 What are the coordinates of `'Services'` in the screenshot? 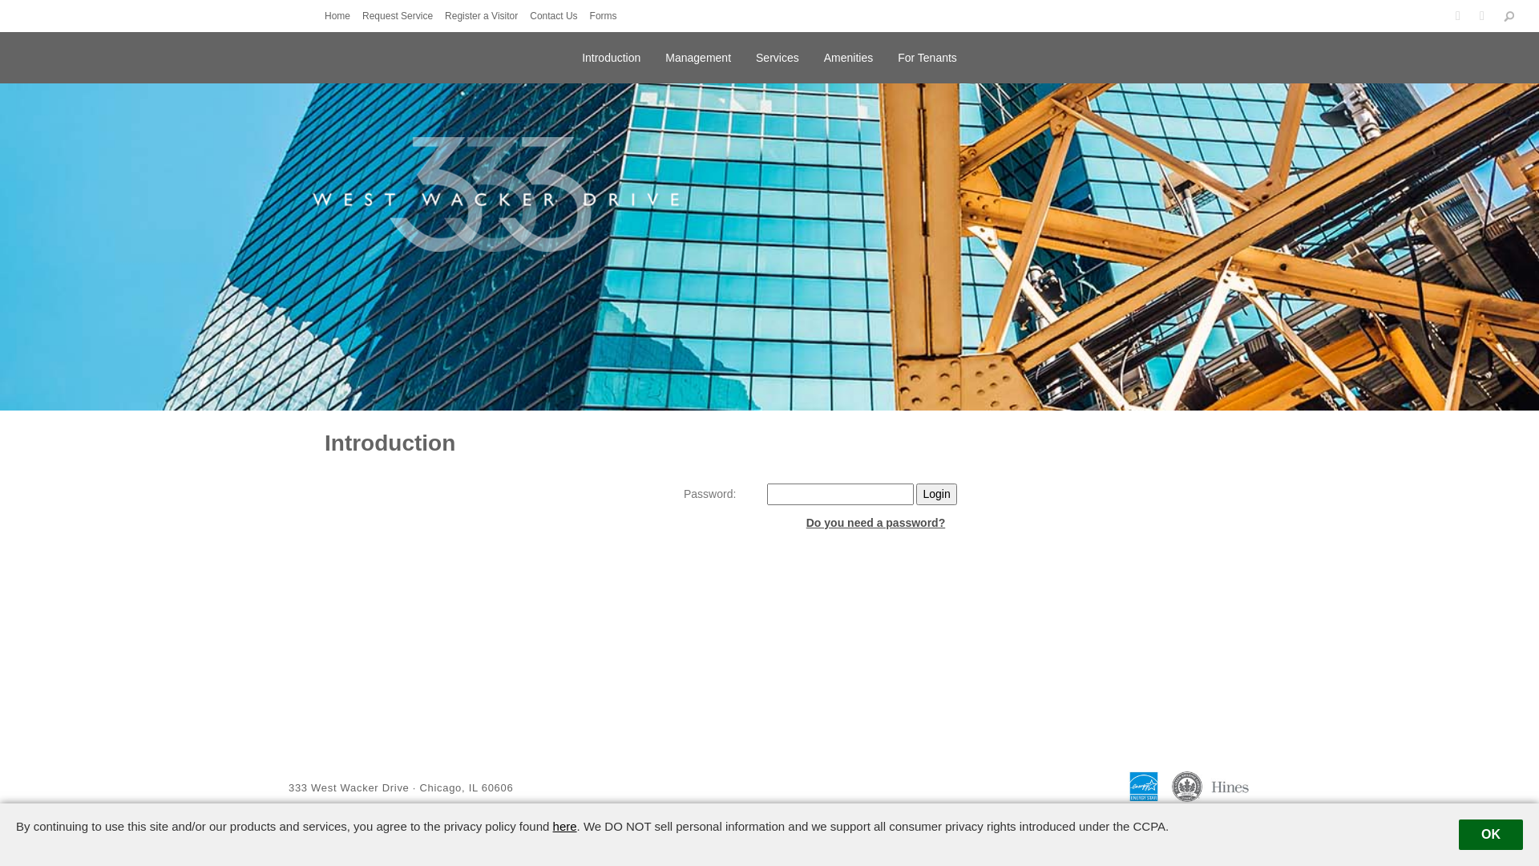 It's located at (777, 55).